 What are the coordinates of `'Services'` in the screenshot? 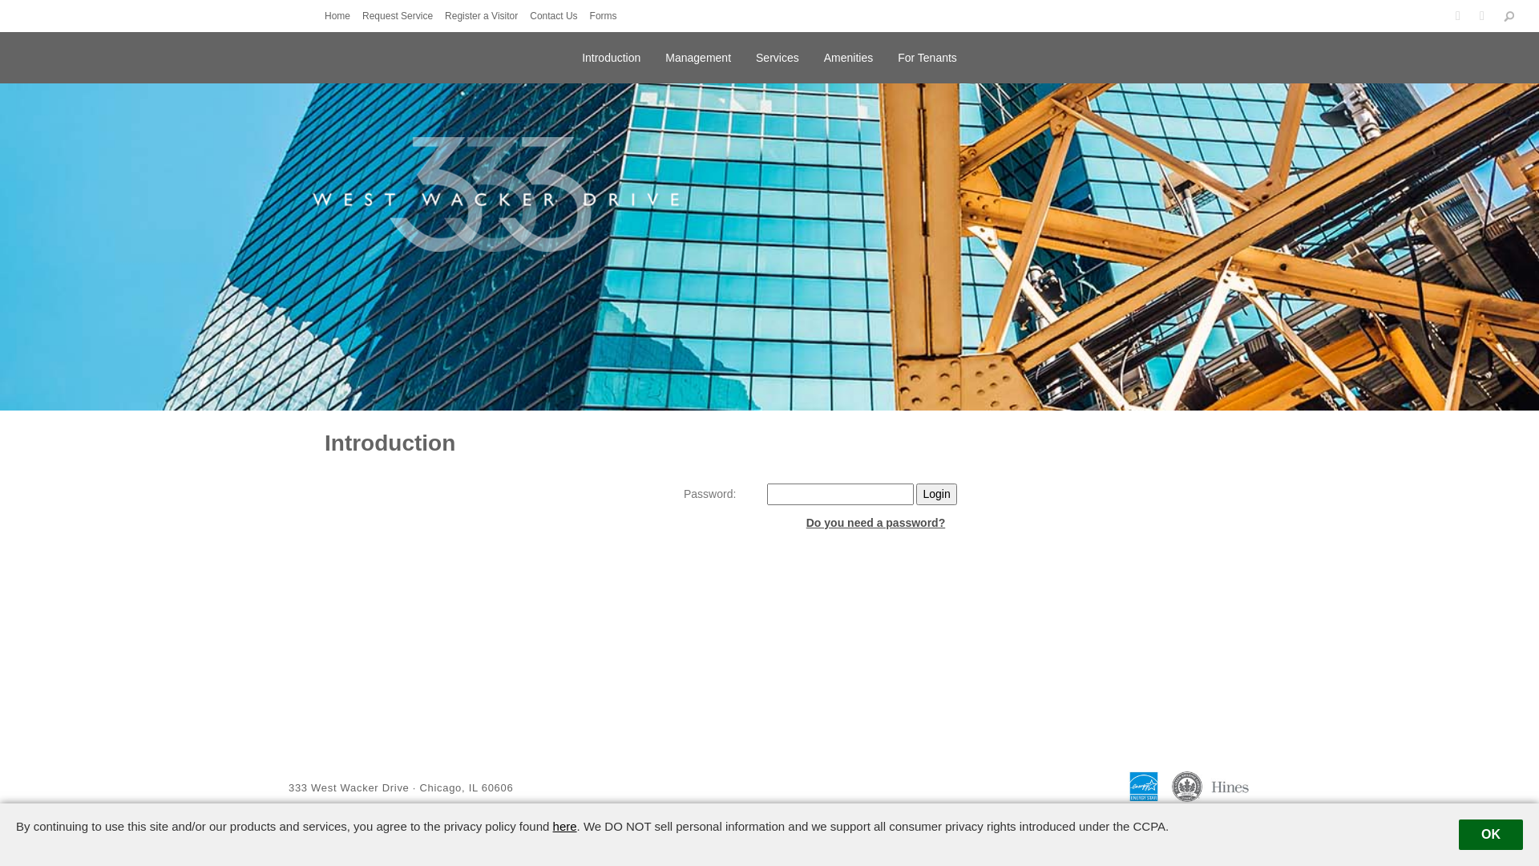 It's located at (777, 55).